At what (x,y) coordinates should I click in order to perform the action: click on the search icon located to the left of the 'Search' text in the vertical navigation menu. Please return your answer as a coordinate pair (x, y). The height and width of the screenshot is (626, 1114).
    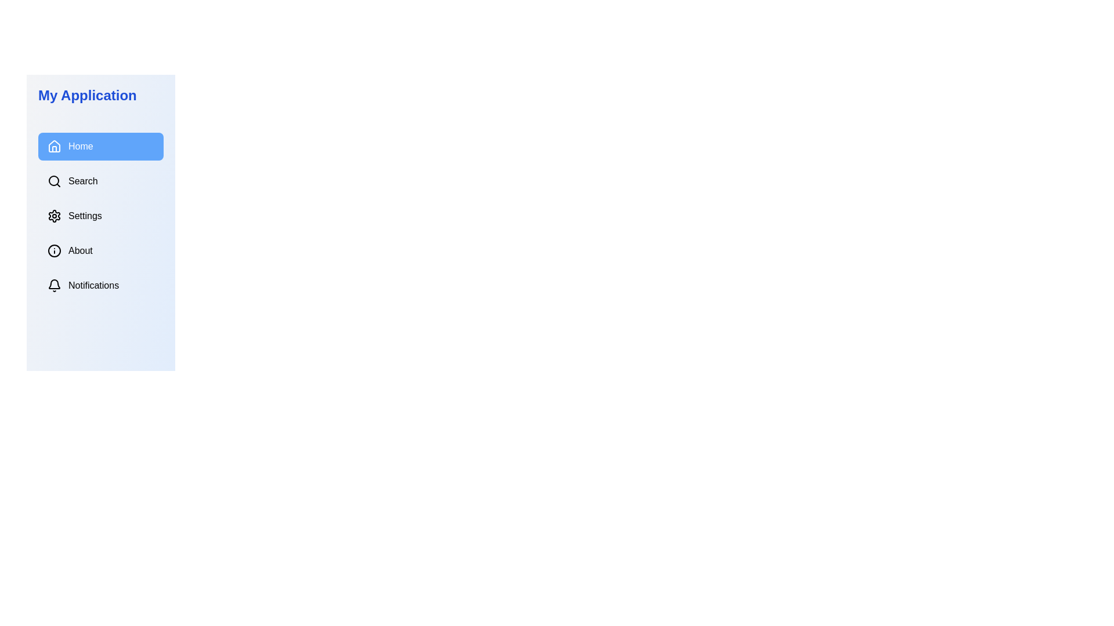
    Looking at the image, I should click on (54, 181).